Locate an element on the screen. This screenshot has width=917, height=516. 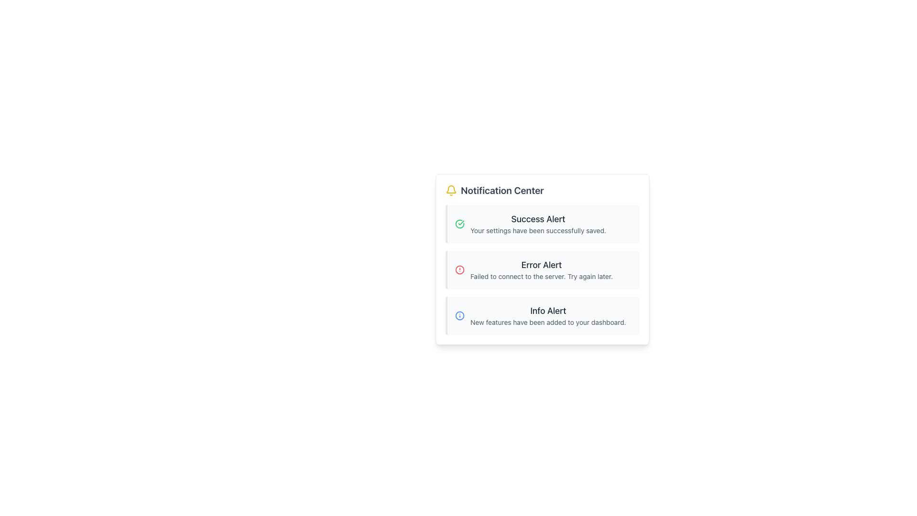
the notification alert indicating server connection failure in the Notification Center is located at coordinates (542, 269).